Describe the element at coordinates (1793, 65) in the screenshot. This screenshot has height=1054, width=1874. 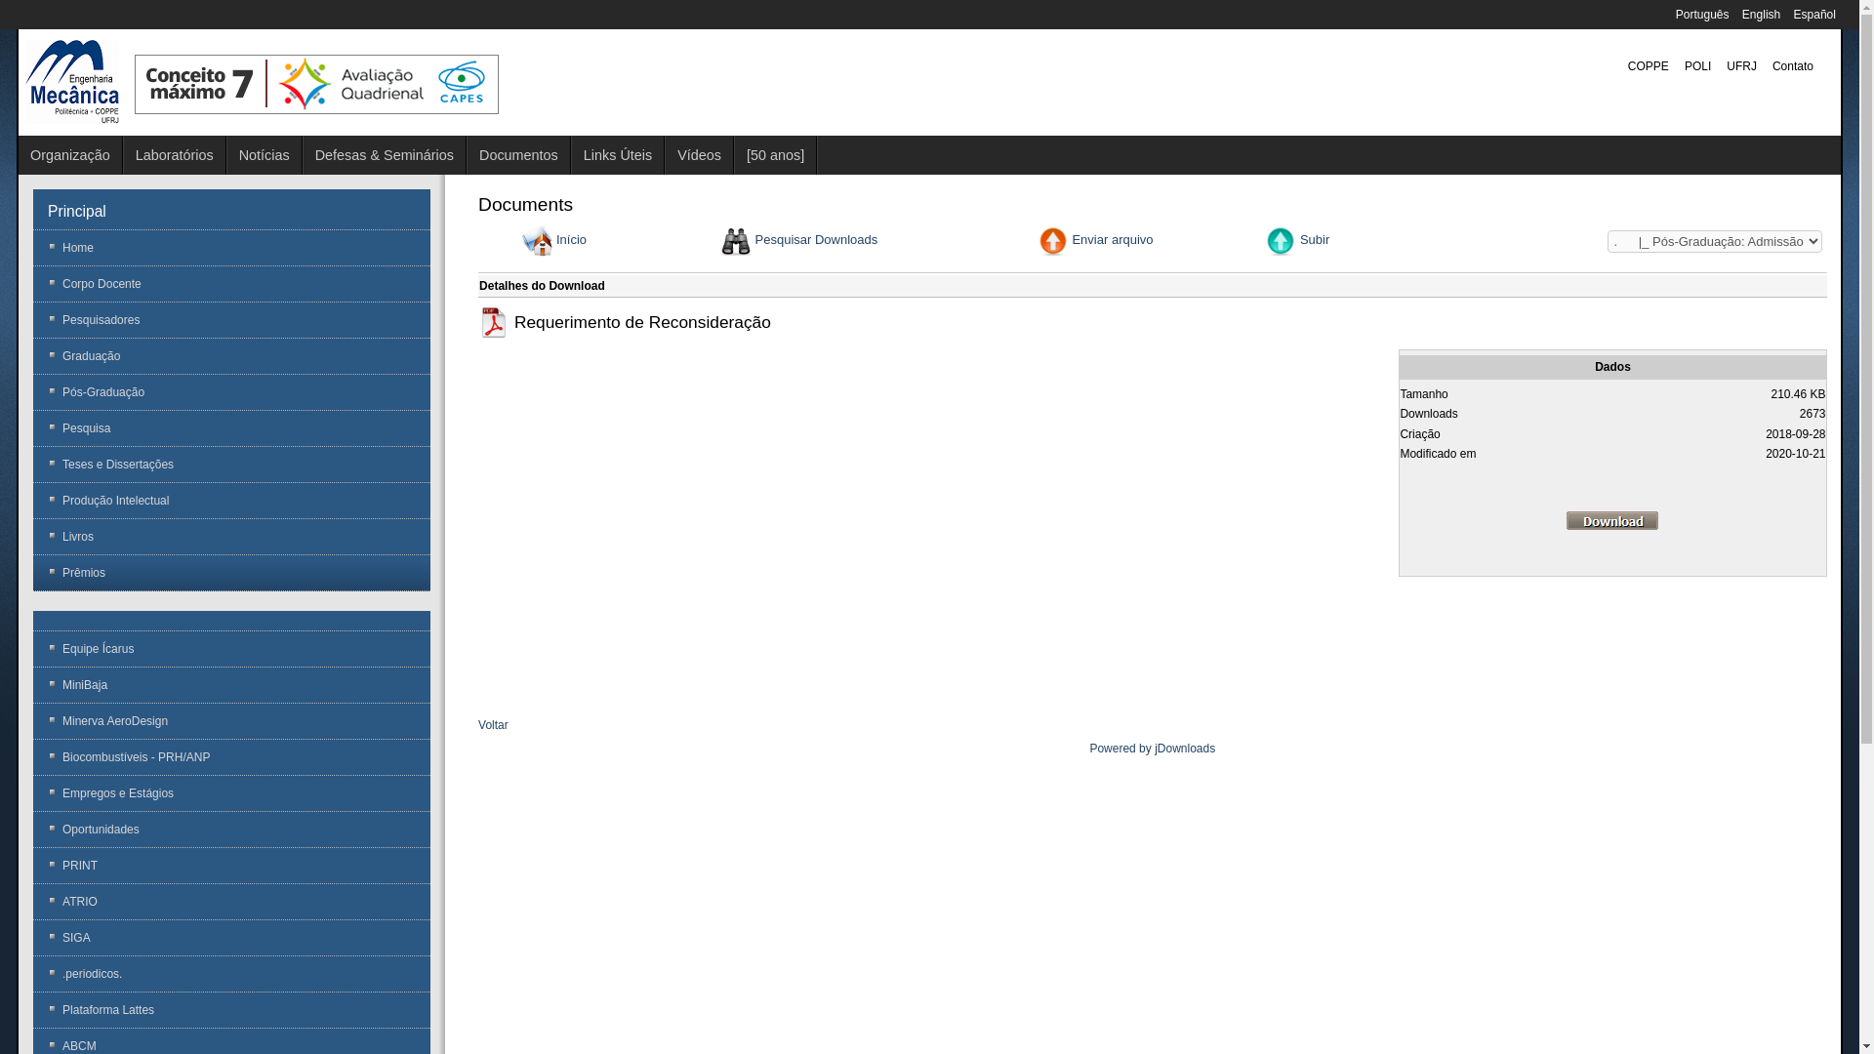
I see `'Contato'` at that location.